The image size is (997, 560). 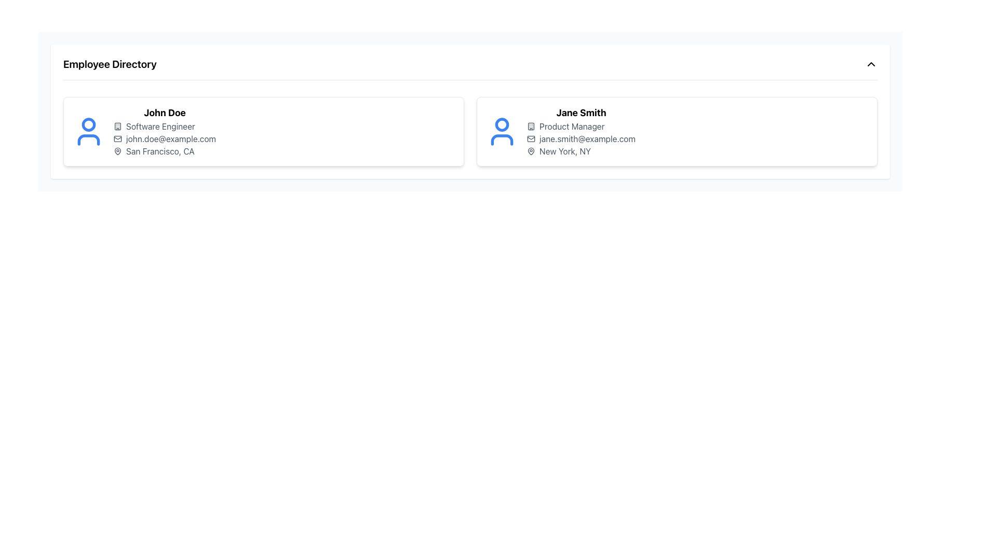 What do you see at coordinates (502, 131) in the screenshot?
I see `the blue user silhouette icon located at the top-left corner of Jane Smith's employee card` at bounding box center [502, 131].